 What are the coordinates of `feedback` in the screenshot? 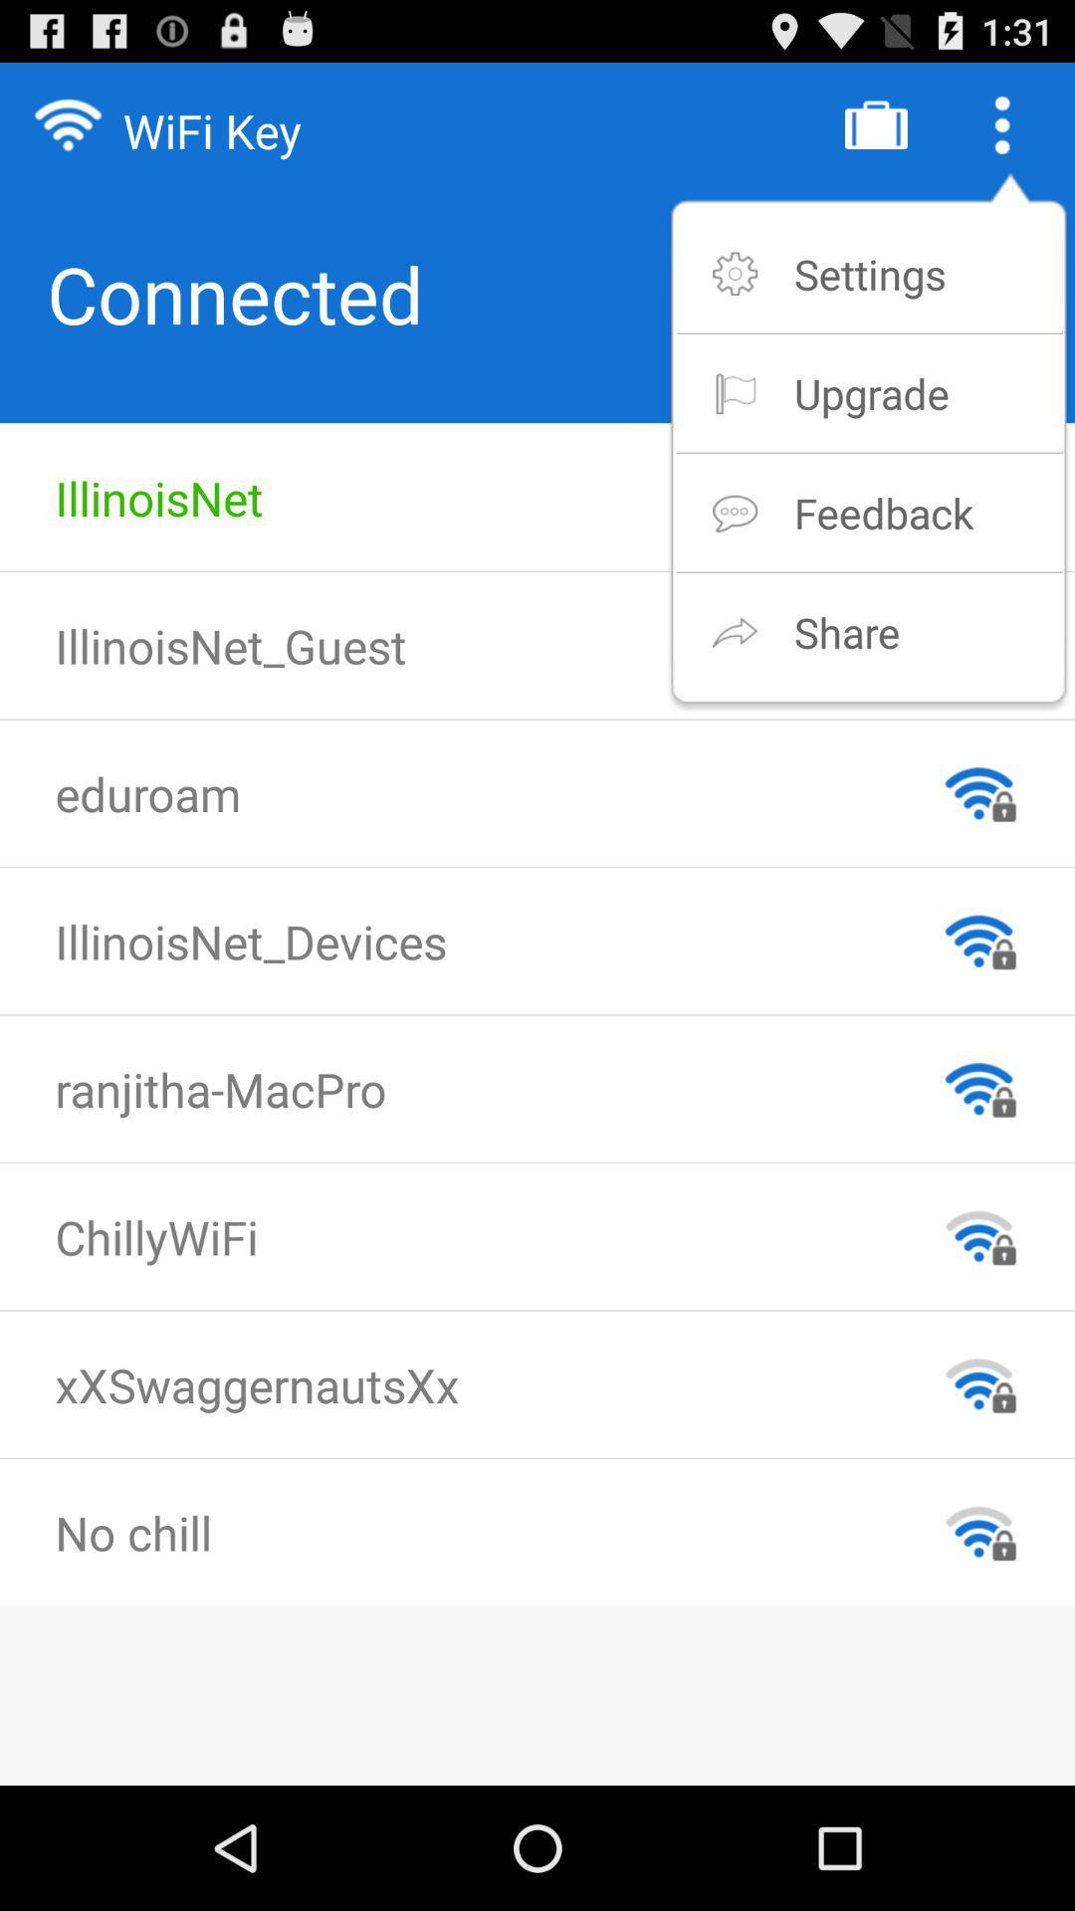 It's located at (882, 513).